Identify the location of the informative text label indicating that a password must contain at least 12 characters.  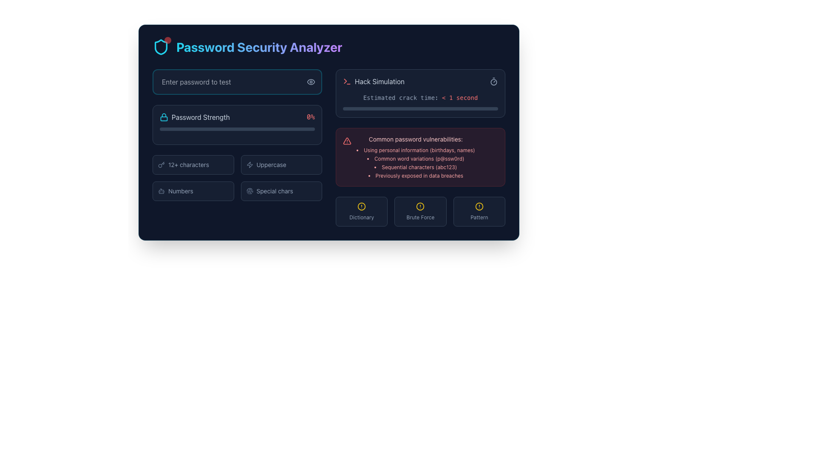
(188, 165).